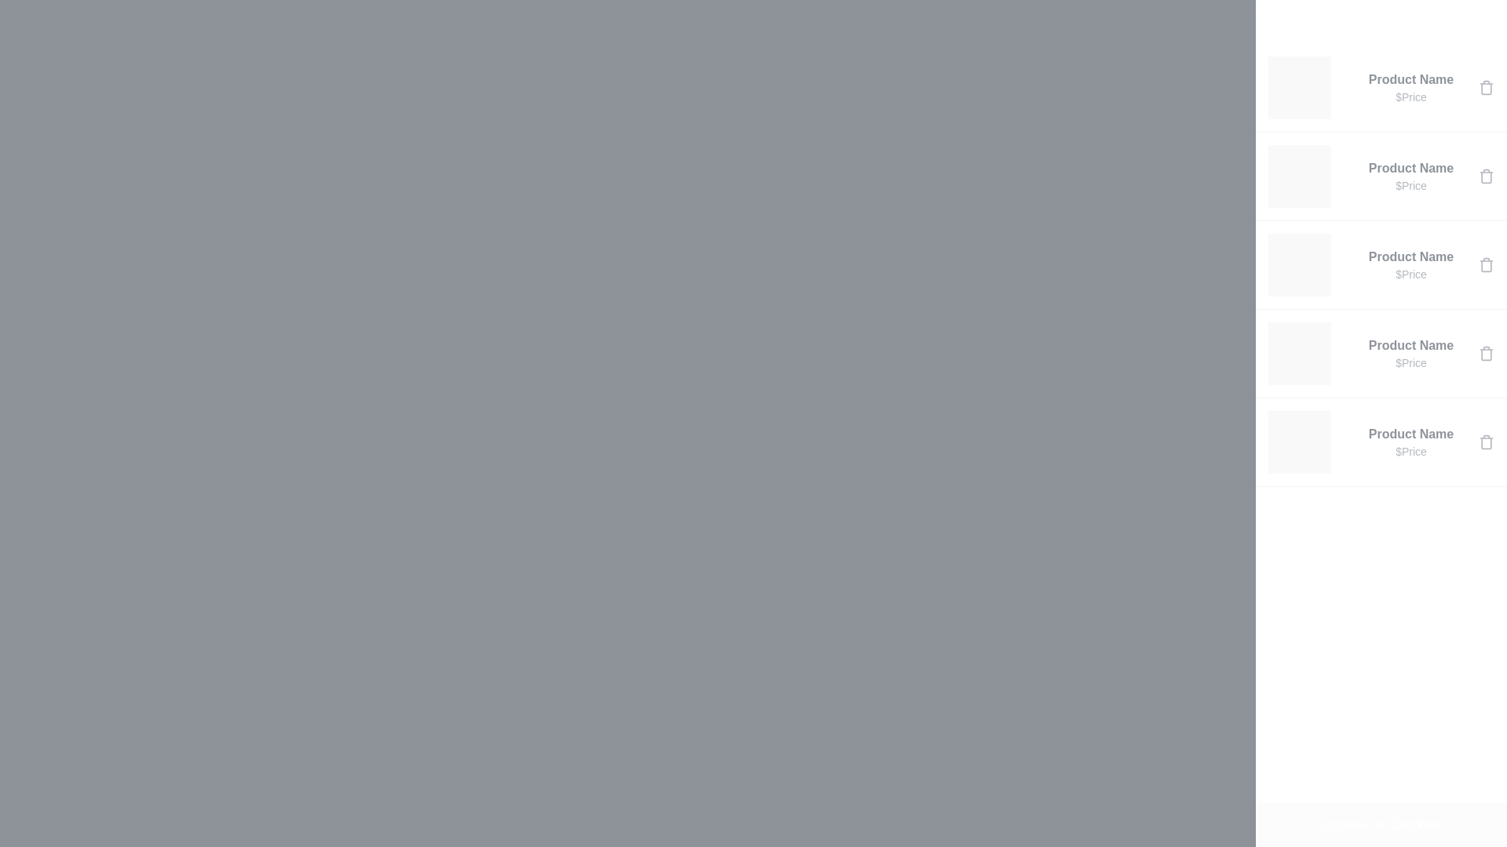 Image resolution: width=1507 pixels, height=847 pixels. Describe the element at coordinates (1411, 184) in the screenshot. I see `the text label displaying the string '$Price', which is styled in gray and positioned directly below the 'Product Name' text in a vertical list layout of product items` at that location.